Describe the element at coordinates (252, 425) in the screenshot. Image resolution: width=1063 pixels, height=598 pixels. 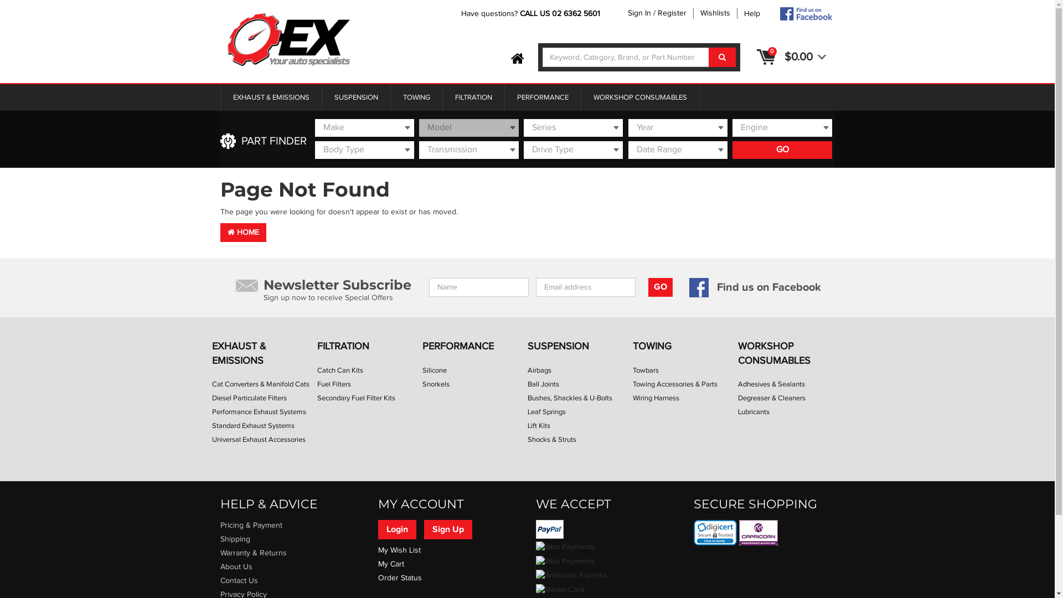
I see `'Standard Exhaust Systems'` at that location.